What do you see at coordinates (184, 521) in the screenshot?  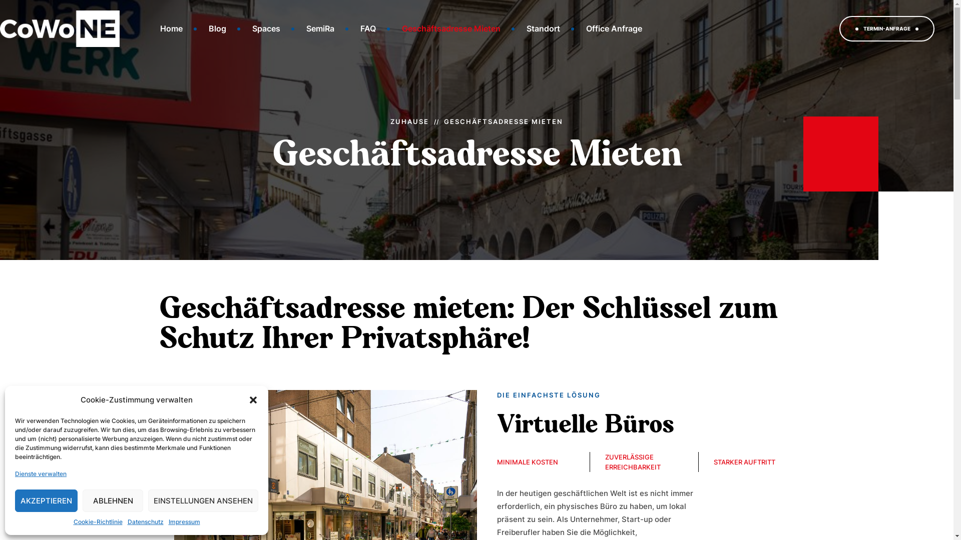 I see `'Impressum'` at bounding box center [184, 521].